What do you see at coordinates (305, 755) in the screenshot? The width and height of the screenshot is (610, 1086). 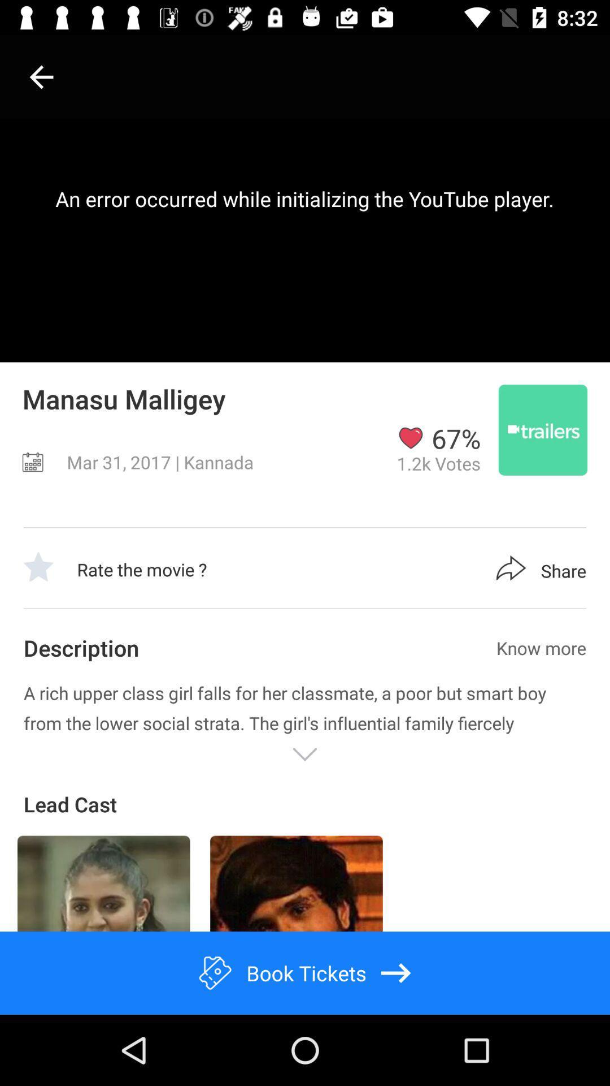 I see `reveal rest of article` at bounding box center [305, 755].